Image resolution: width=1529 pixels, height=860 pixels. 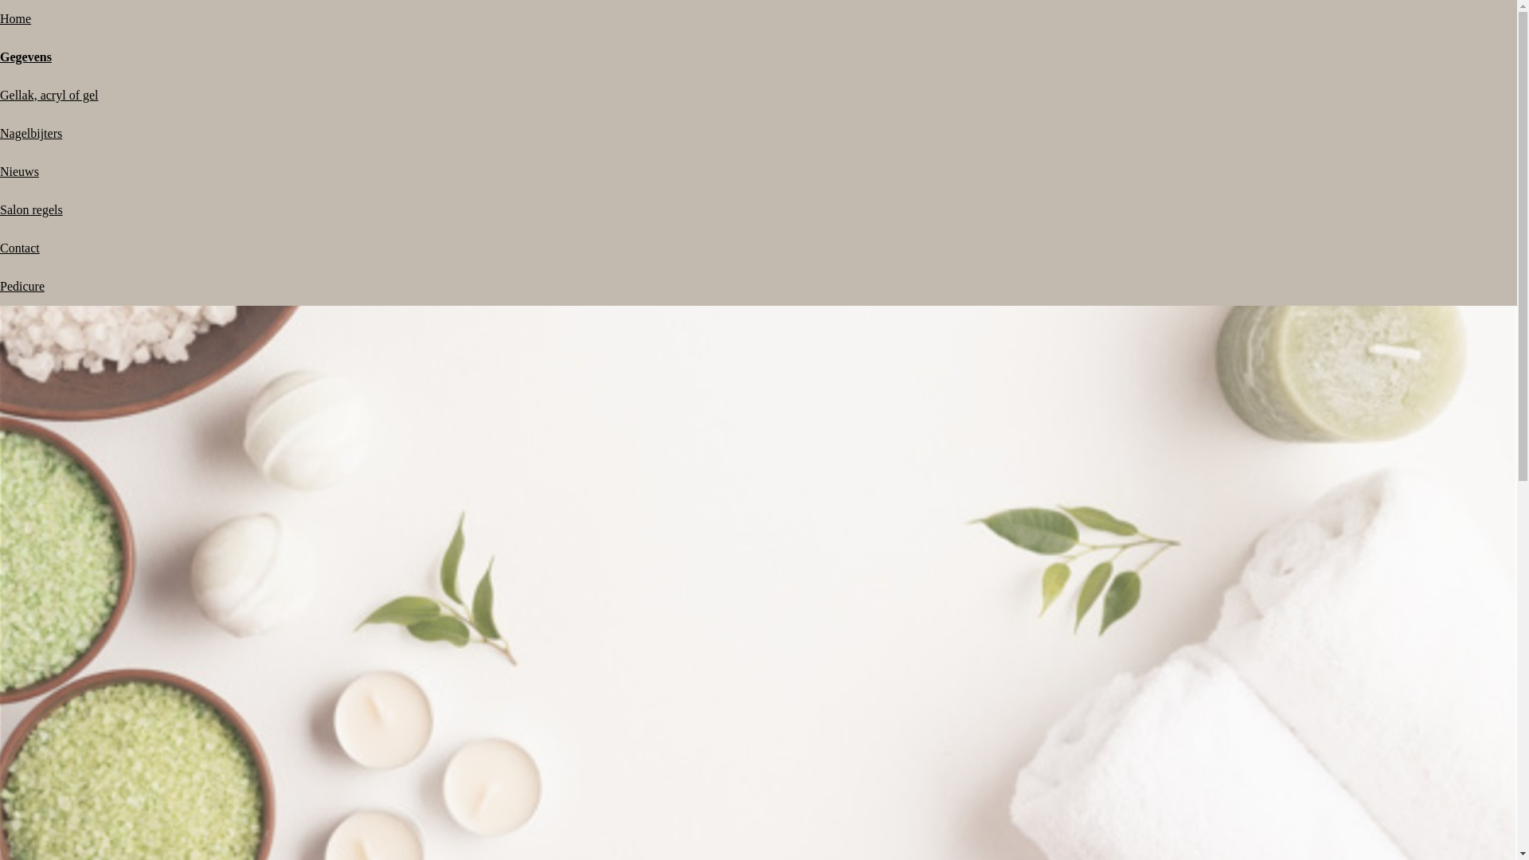 What do you see at coordinates (0, 95) in the screenshot?
I see `'Gellak, acryl of gel'` at bounding box center [0, 95].